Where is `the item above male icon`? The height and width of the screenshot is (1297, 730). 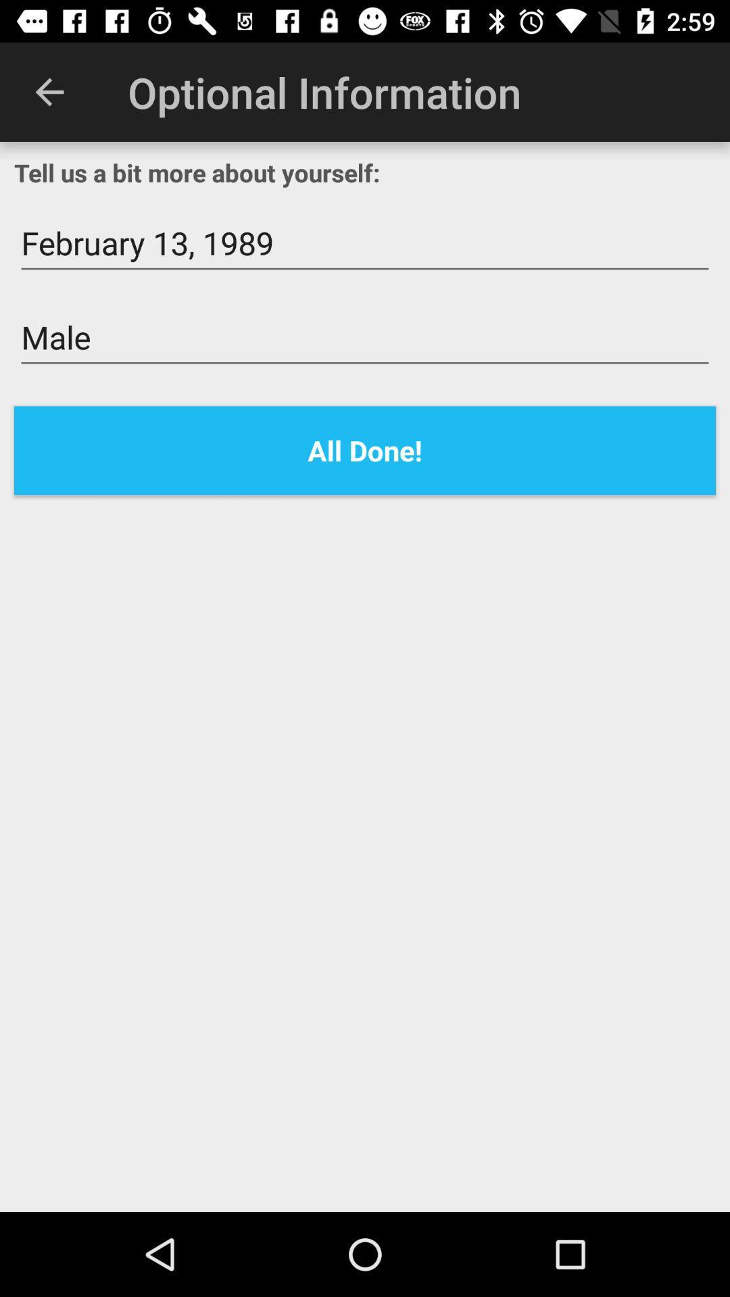
the item above male icon is located at coordinates (365, 243).